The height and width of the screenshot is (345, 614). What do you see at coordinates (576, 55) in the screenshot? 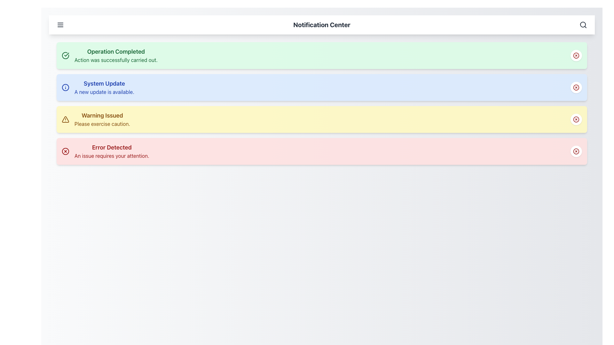
I see `the circular button with a white background and red 'X' icon located in the top-right corner of the 'Operation Completed' notification card` at bounding box center [576, 55].